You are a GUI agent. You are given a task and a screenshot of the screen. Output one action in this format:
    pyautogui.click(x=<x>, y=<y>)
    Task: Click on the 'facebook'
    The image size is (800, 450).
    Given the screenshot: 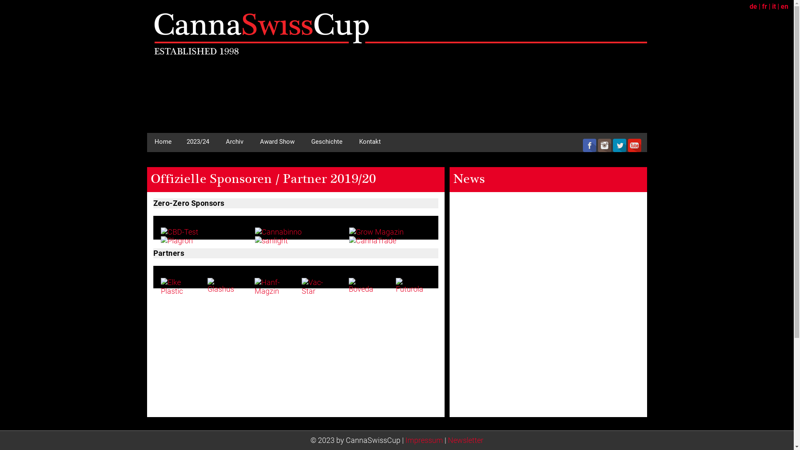 What is the action you would take?
    pyautogui.click(x=582, y=145)
    